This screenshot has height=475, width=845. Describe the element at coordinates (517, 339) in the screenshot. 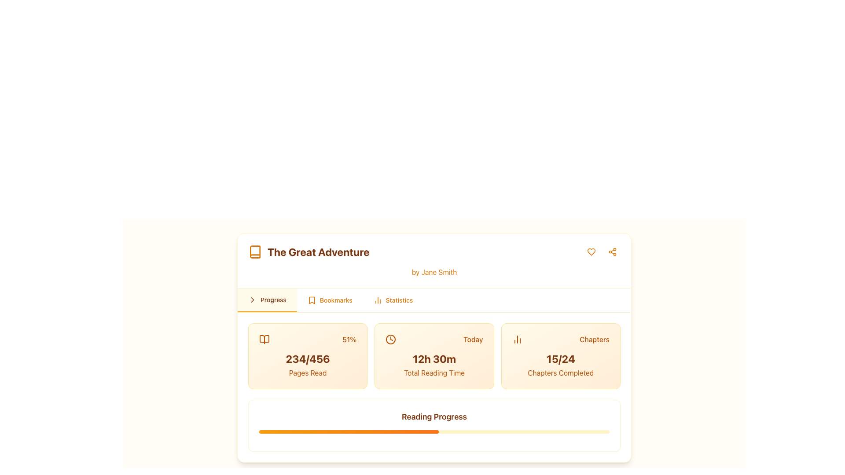

I see `the Decorative Icon located to the left of the 'Chapters' text, which serves as an indicator of statistical information or progress` at that location.